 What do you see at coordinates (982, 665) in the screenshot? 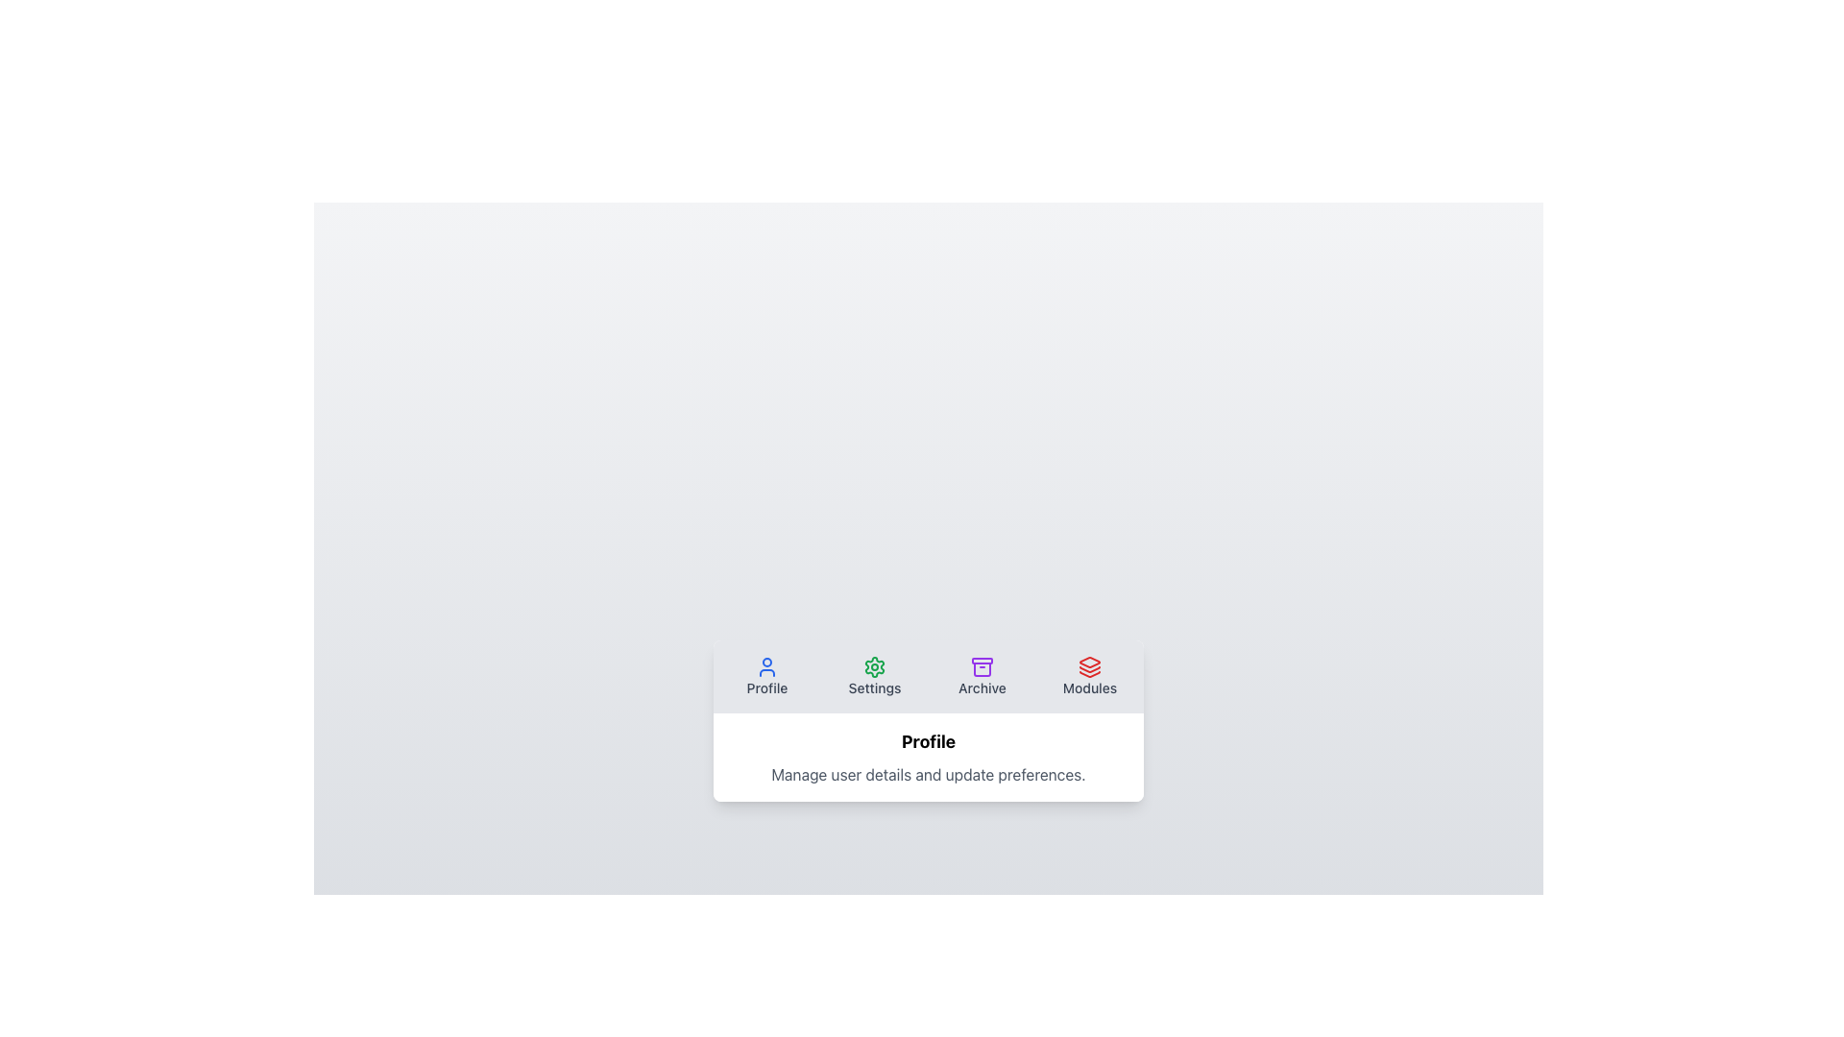
I see `the purple archive box icon located above the 'Archive' text, which is the third icon from the left in a row of similar icons` at bounding box center [982, 665].